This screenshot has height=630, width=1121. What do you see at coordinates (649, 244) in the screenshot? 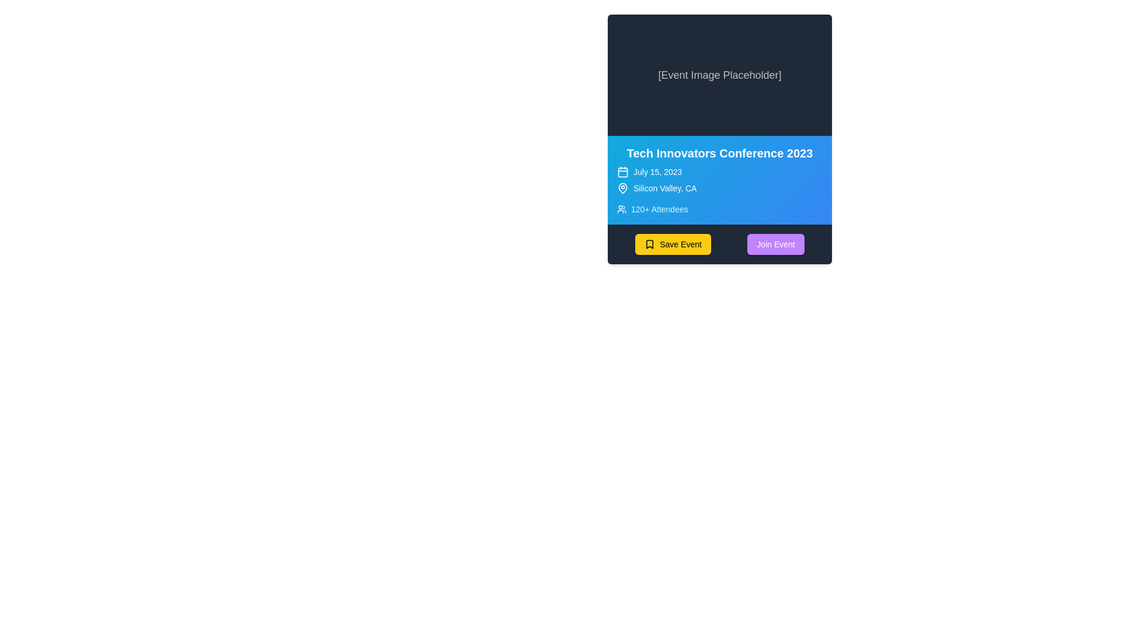
I see `the visual appearance of the bookmark-shaped icon with black and yellow colors, located to the left of the 'Save Event' button` at bounding box center [649, 244].